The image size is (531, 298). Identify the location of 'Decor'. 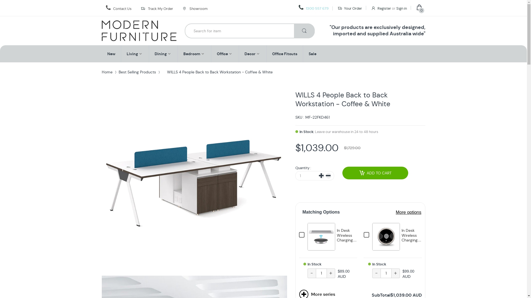
(244, 54).